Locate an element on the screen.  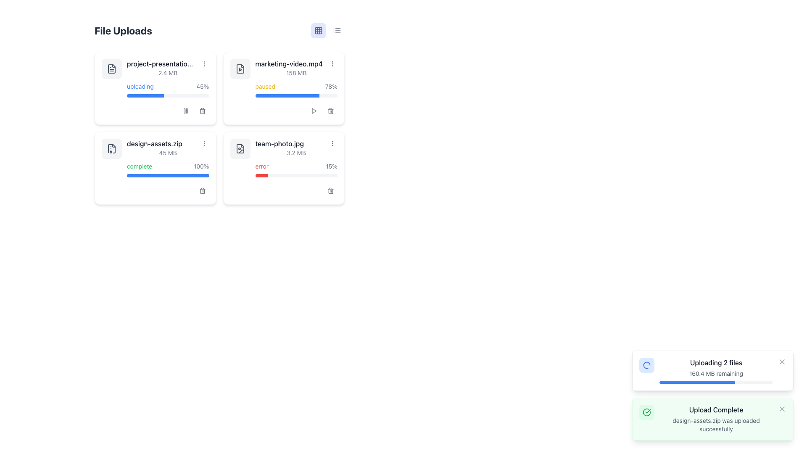
the static text label indicating the upload status of a file, which is located in the top-left card under the 'File Uploads' section, before the percentage '45%' is located at coordinates (140, 86).